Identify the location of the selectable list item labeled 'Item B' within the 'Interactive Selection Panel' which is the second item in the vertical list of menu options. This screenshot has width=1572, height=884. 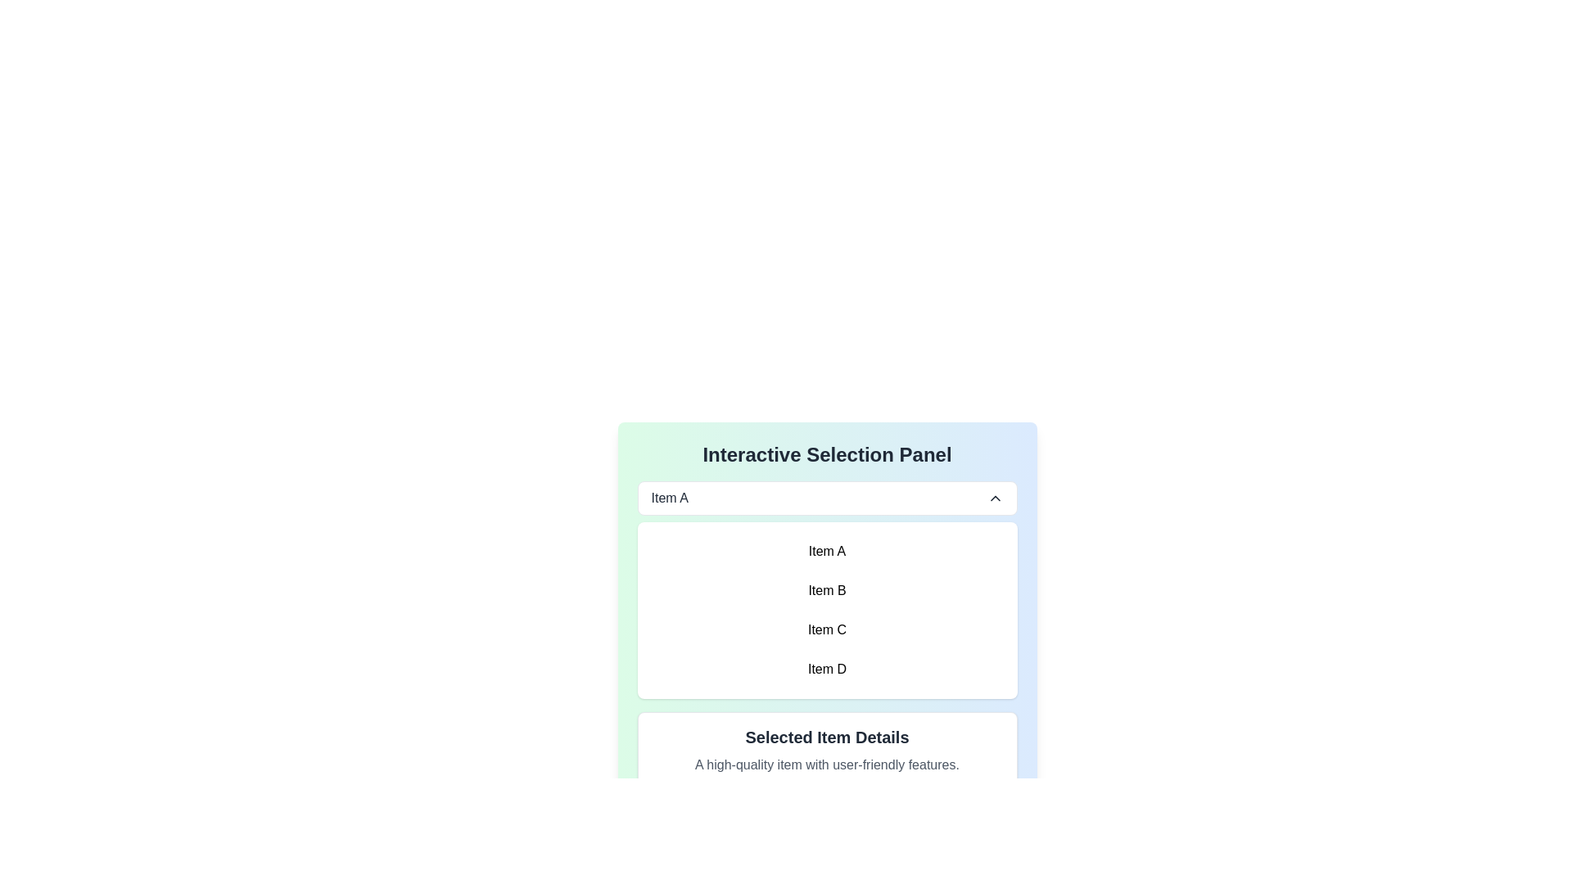
(827, 590).